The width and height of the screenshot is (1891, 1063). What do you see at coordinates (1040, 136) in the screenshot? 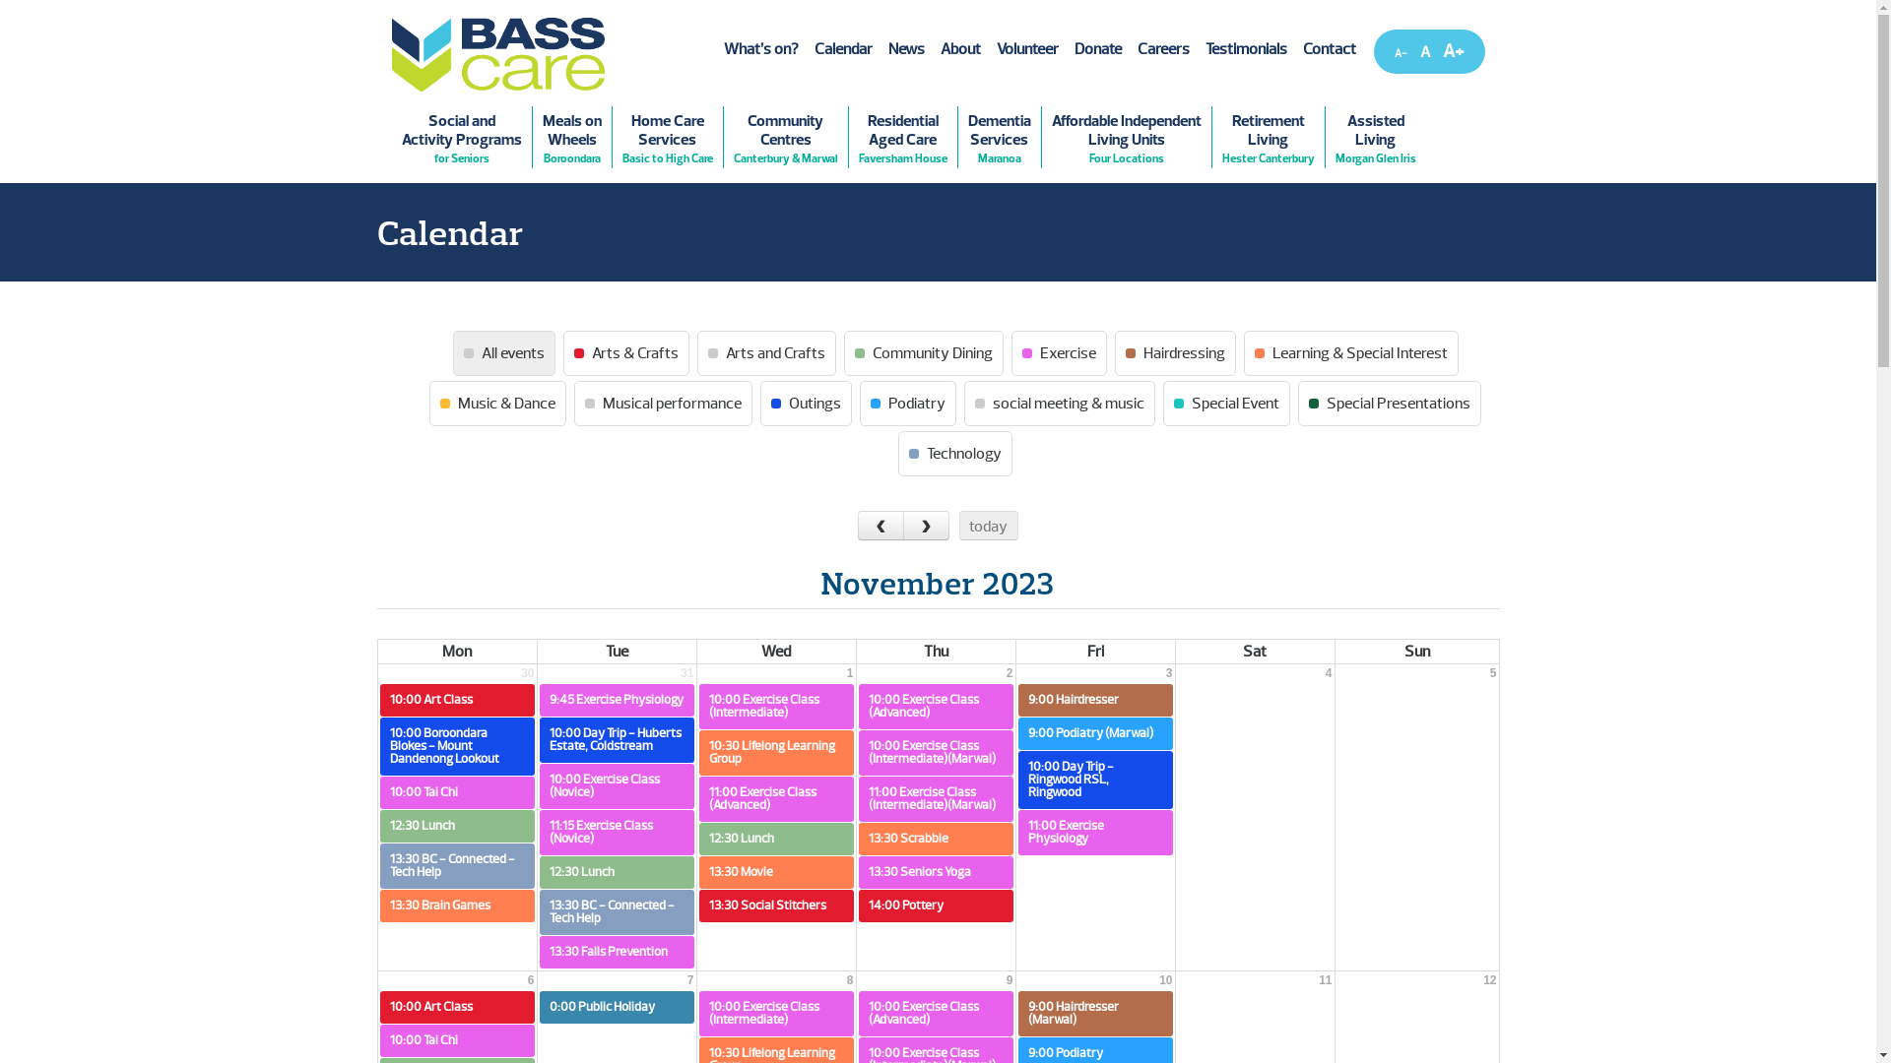
I see `'Affordable Independent` at bounding box center [1040, 136].